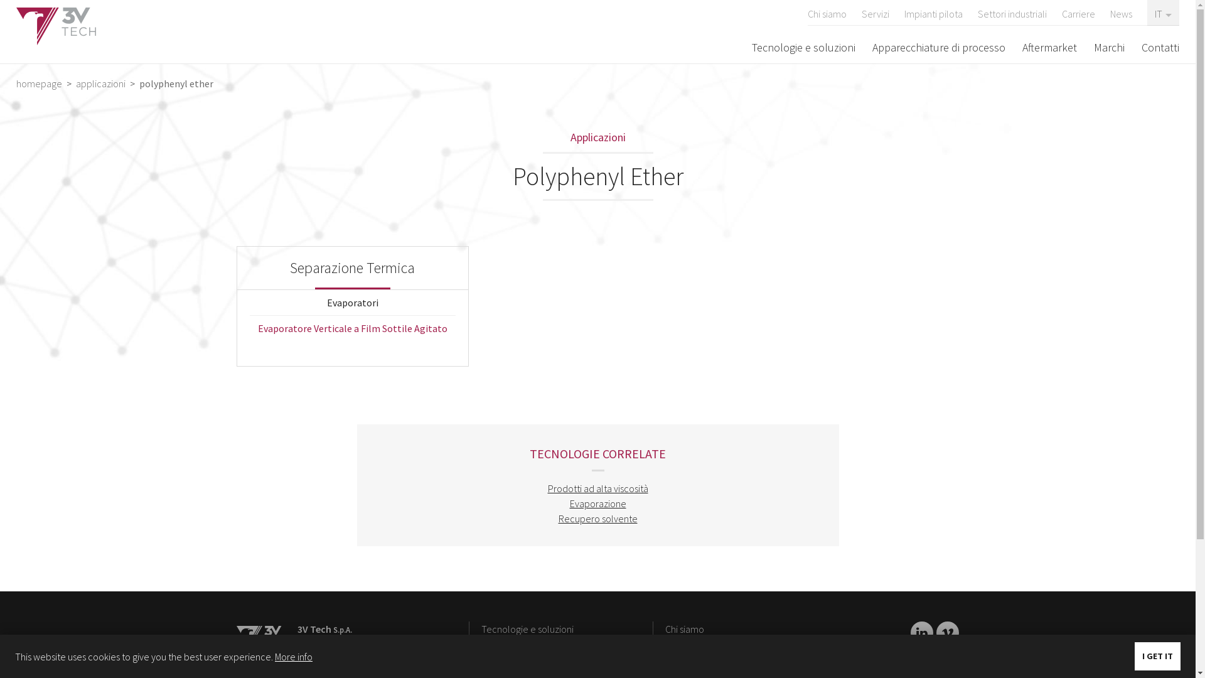  I want to click on 'I GET IT', so click(1157, 655).